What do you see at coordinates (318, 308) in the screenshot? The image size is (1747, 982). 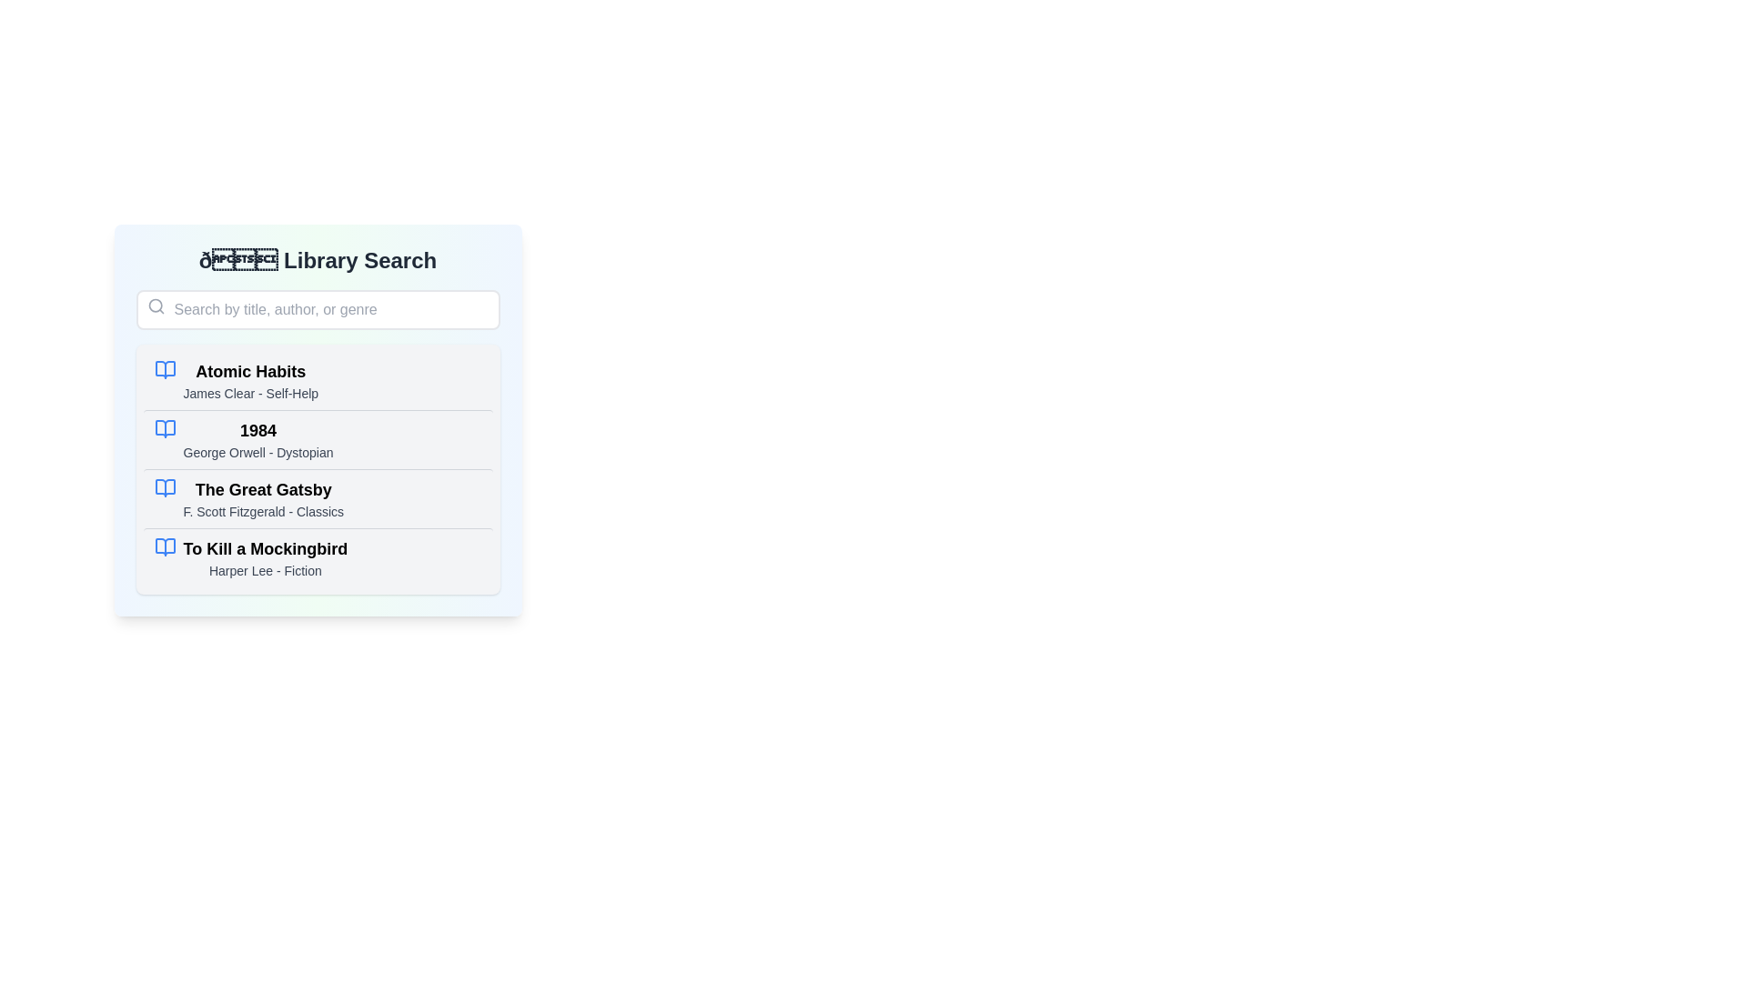 I see `the text input field for the library search, which is located below the bold title '📚 Library Search' and above a list of book entries` at bounding box center [318, 308].